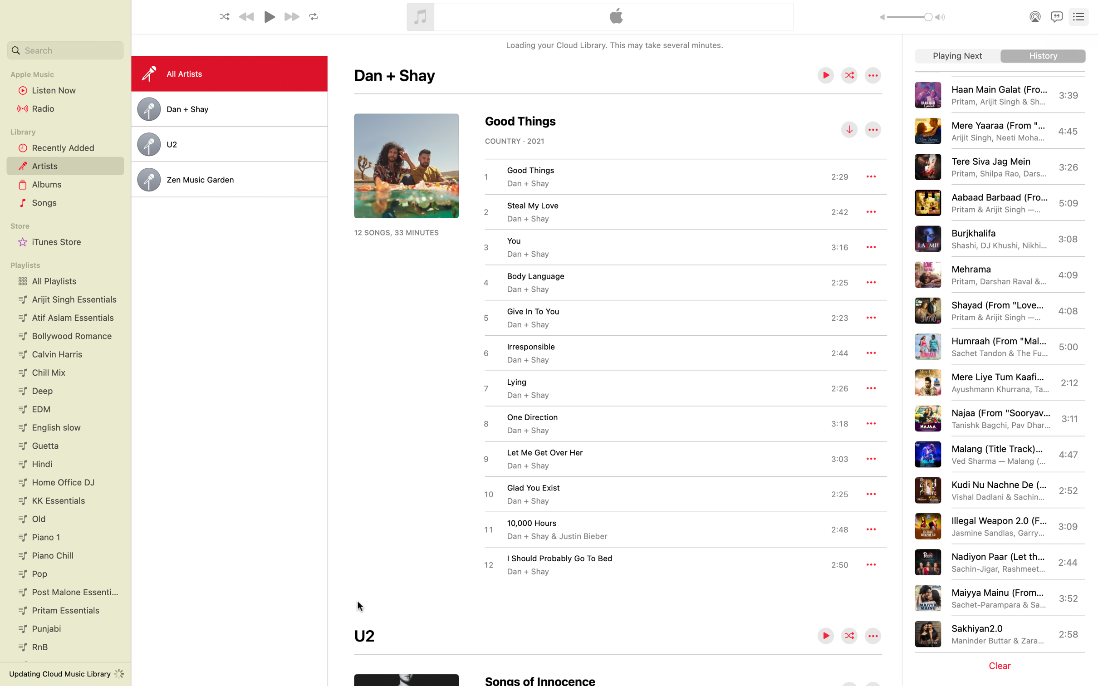 The width and height of the screenshot is (1098, 686). Describe the element at coordinates (665, 494) in the screenshot. I see `the download process for the song "Glad You Exist"` at that location.